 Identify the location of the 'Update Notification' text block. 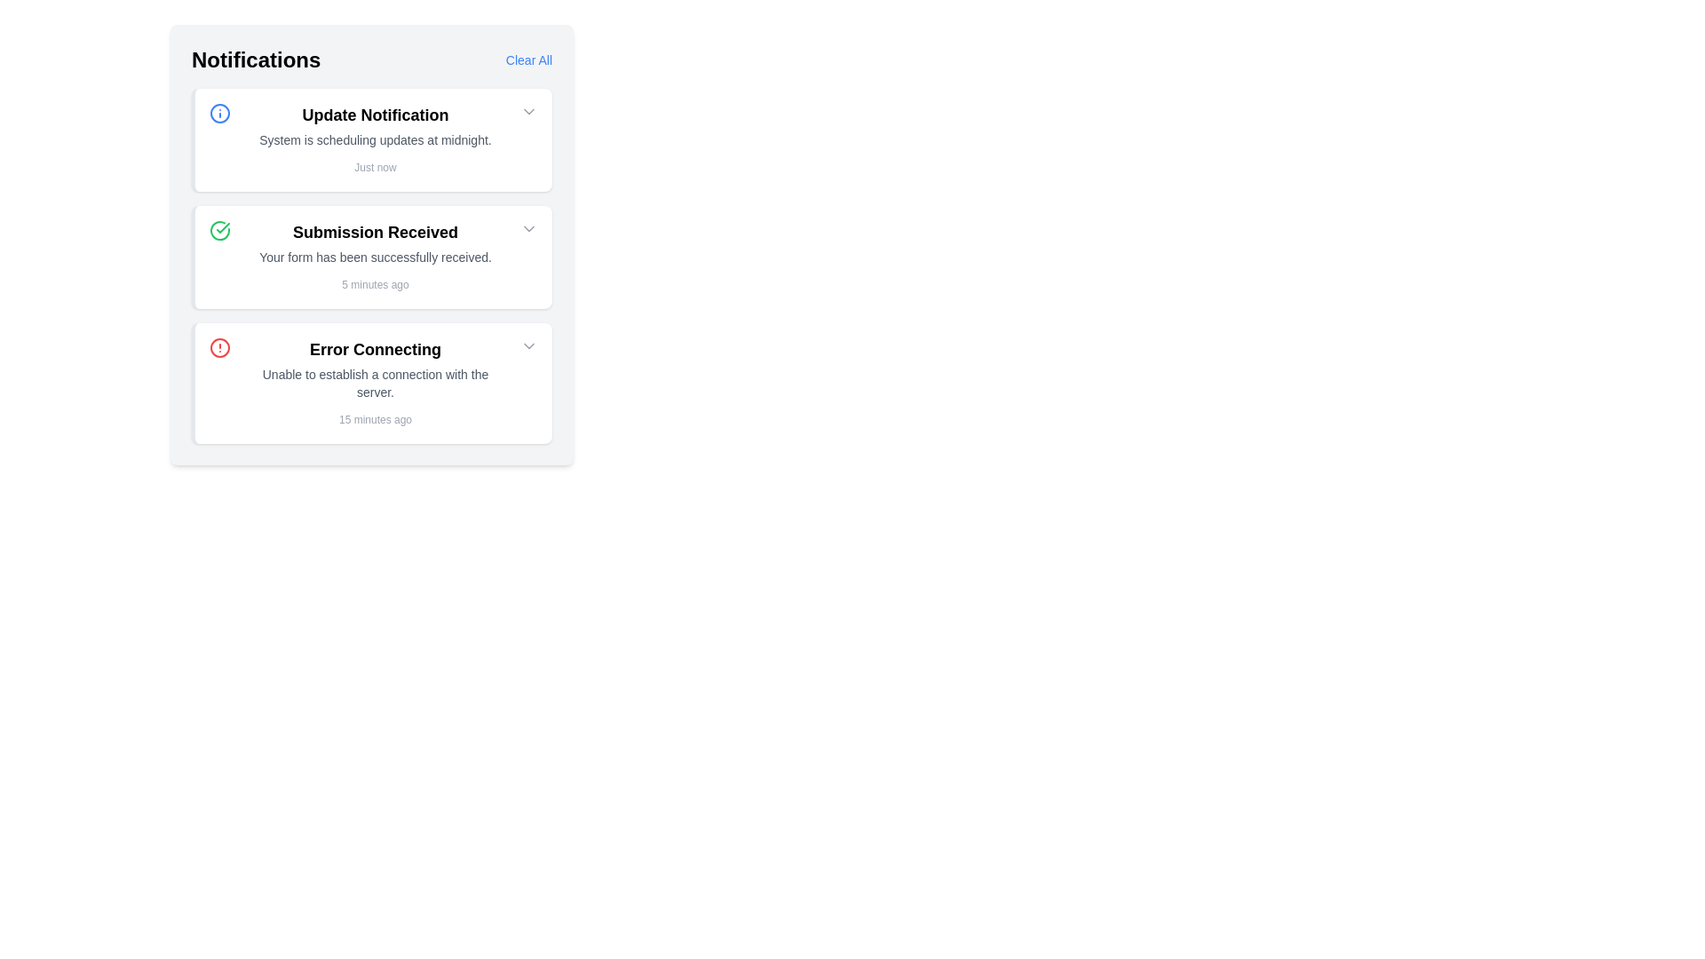
(374, 139).